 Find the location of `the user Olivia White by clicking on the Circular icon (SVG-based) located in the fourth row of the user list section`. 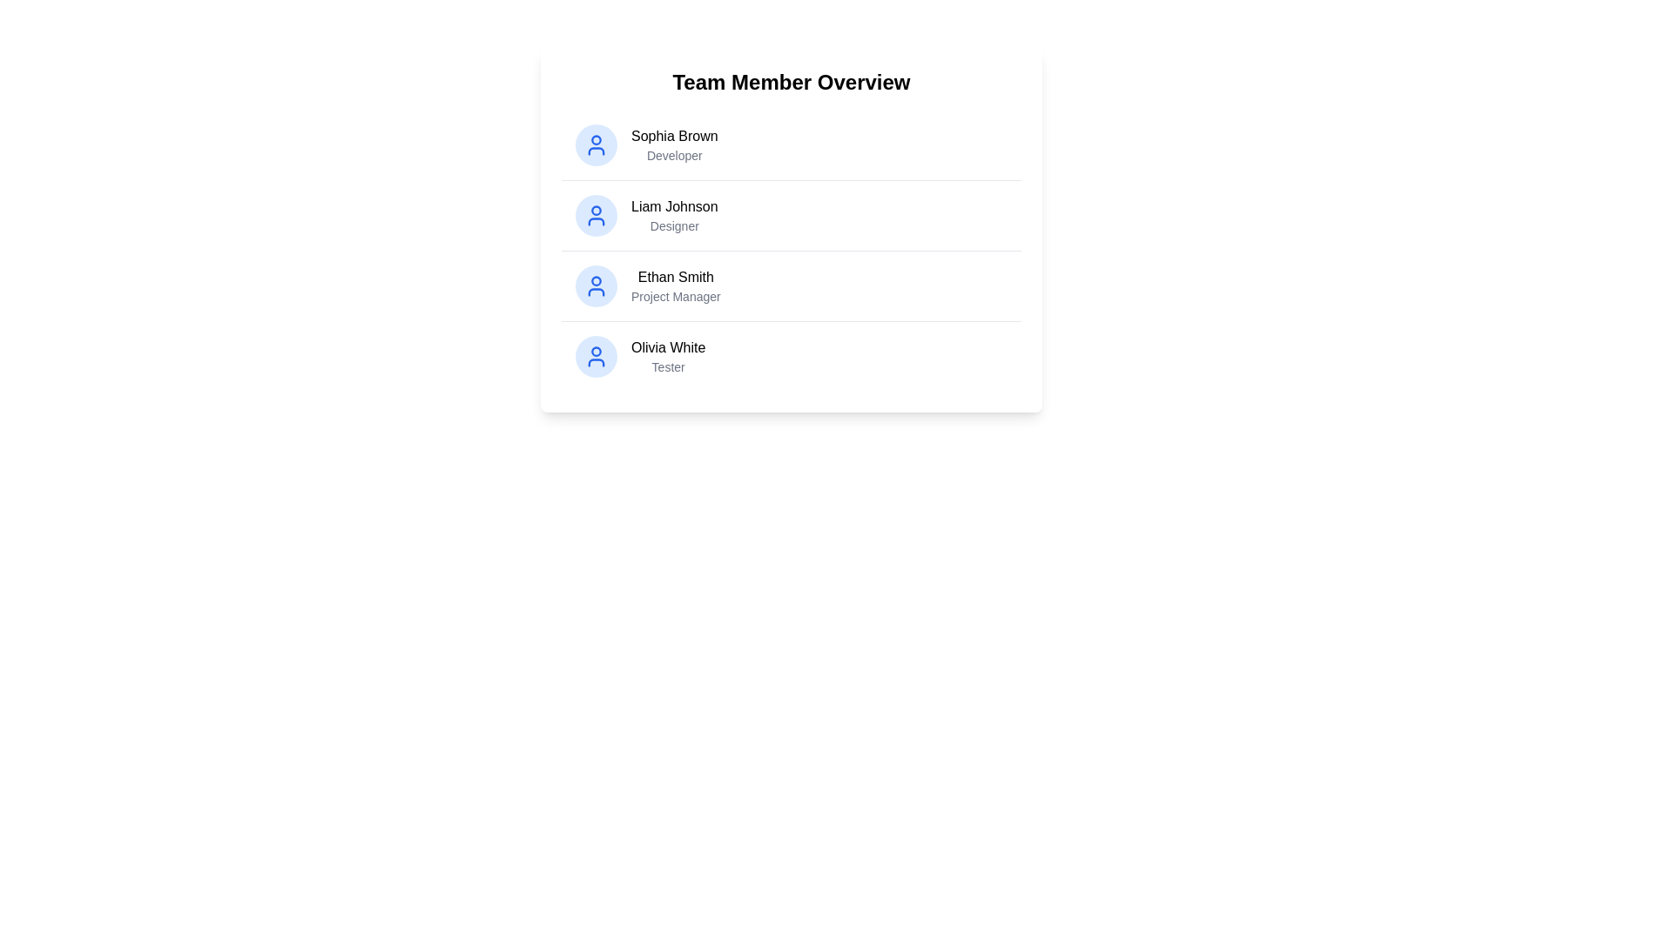

the user Olivia White by clicking on the Circular icon (SVG-based) located in the fourth row of the user list section is located at coordinates (597, 352).